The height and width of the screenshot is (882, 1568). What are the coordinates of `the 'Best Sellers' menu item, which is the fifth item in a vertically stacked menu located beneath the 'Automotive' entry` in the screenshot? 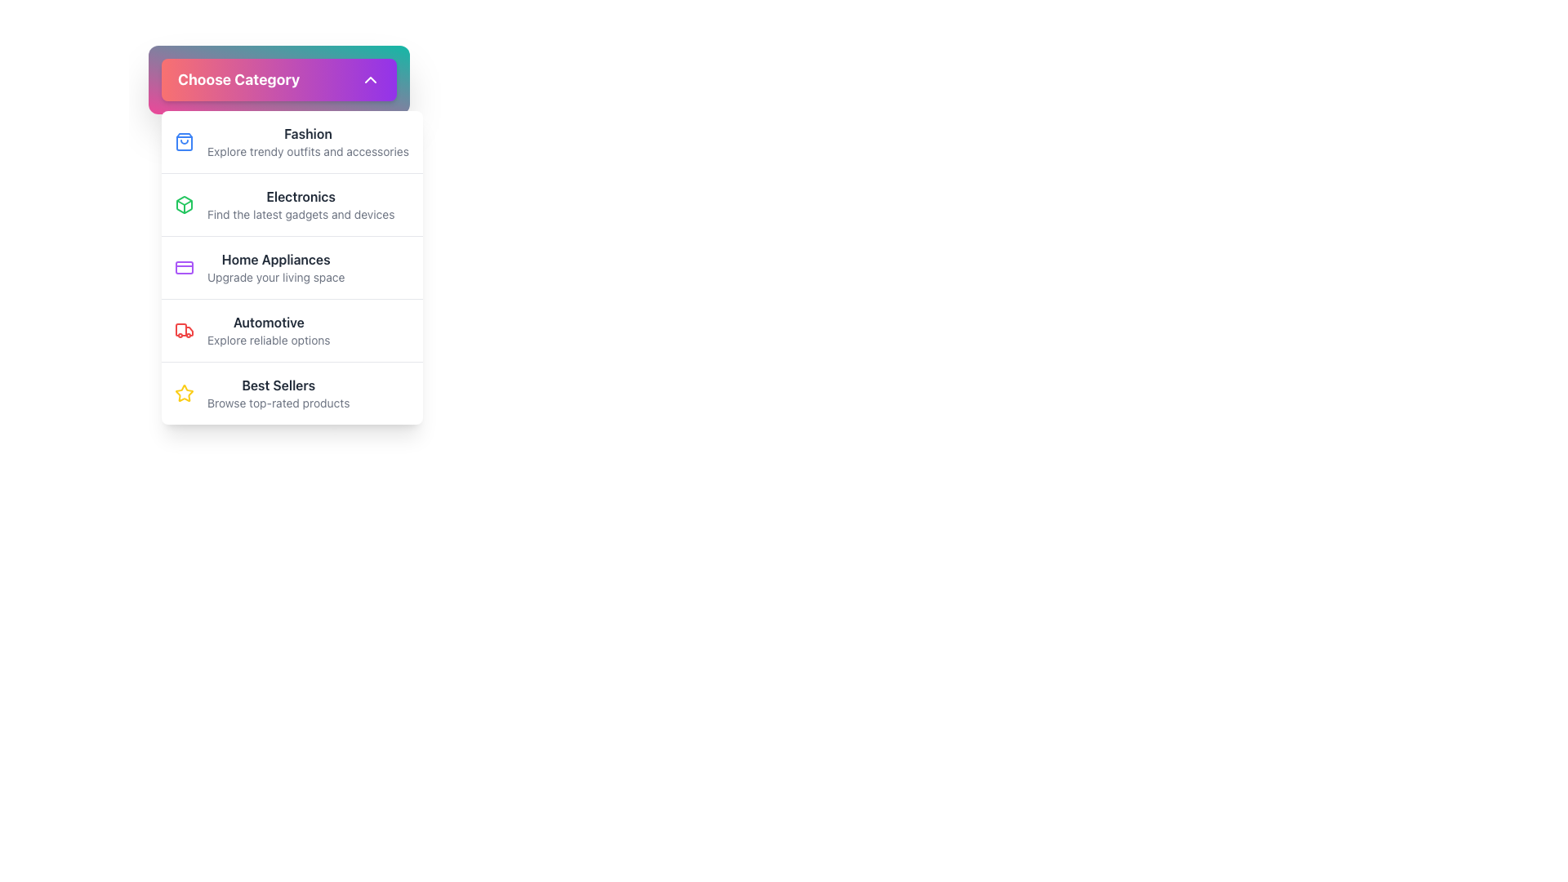 It's located at (292, 393).